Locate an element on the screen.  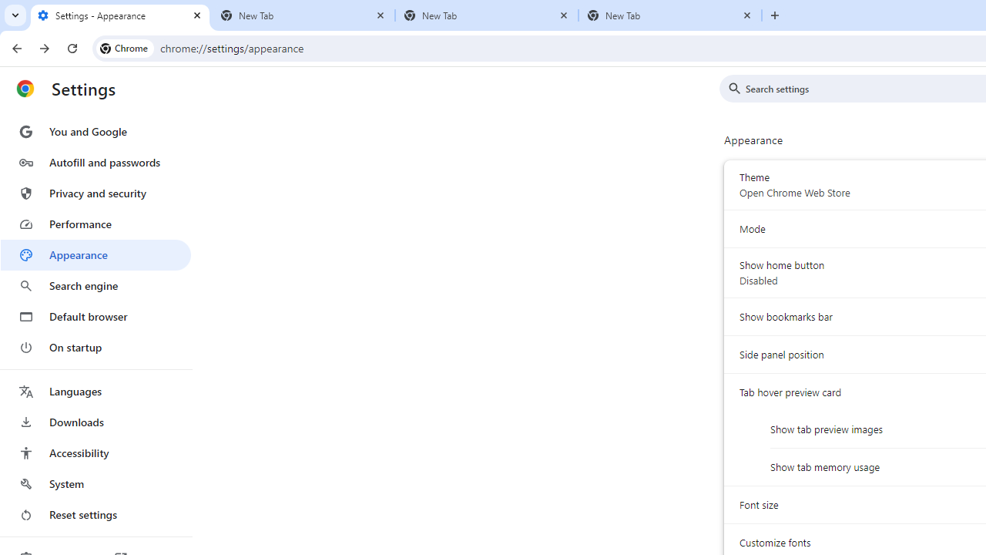
'On startup' is located at coordinates (95, 348).